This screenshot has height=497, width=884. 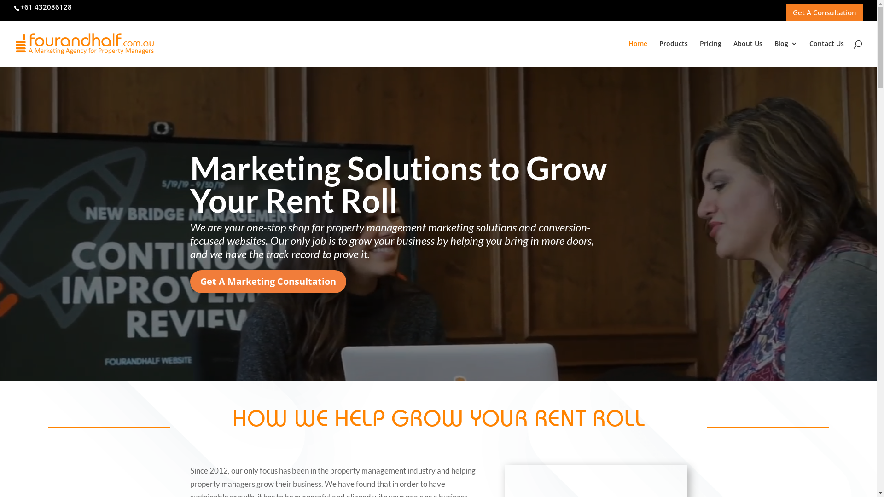 I want to click on 'Get A Marketing Consultation', so click(x=267, y=281).